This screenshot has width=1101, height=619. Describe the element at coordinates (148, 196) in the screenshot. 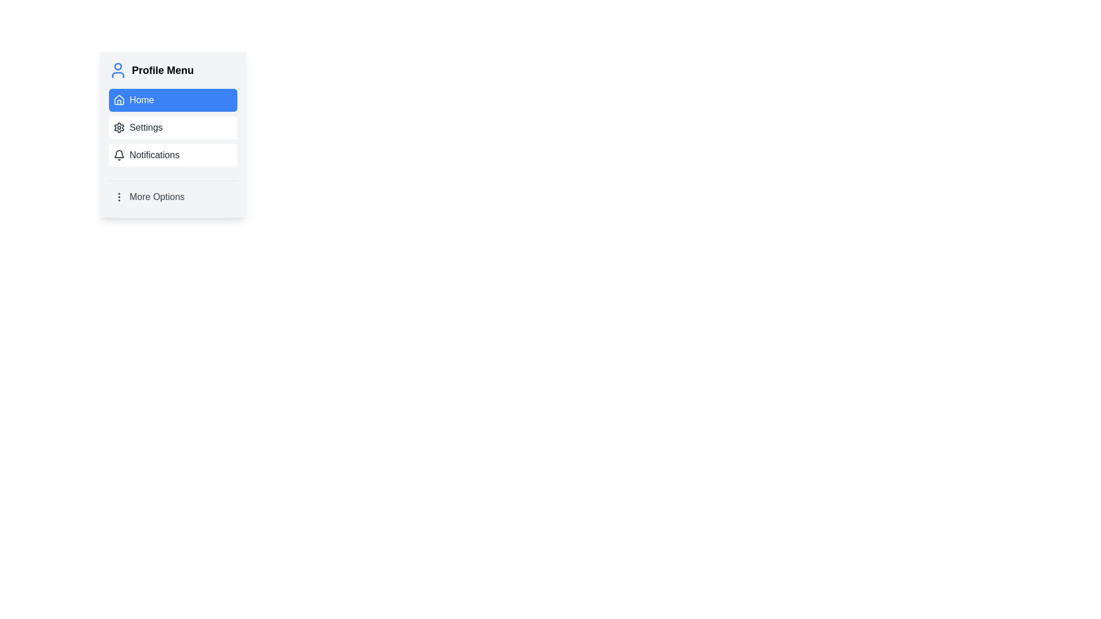

I see `the Button in the Profile Menu that provides access to additional settings or options, located below the Notifications option, to change its background for a visual cue` at that location.